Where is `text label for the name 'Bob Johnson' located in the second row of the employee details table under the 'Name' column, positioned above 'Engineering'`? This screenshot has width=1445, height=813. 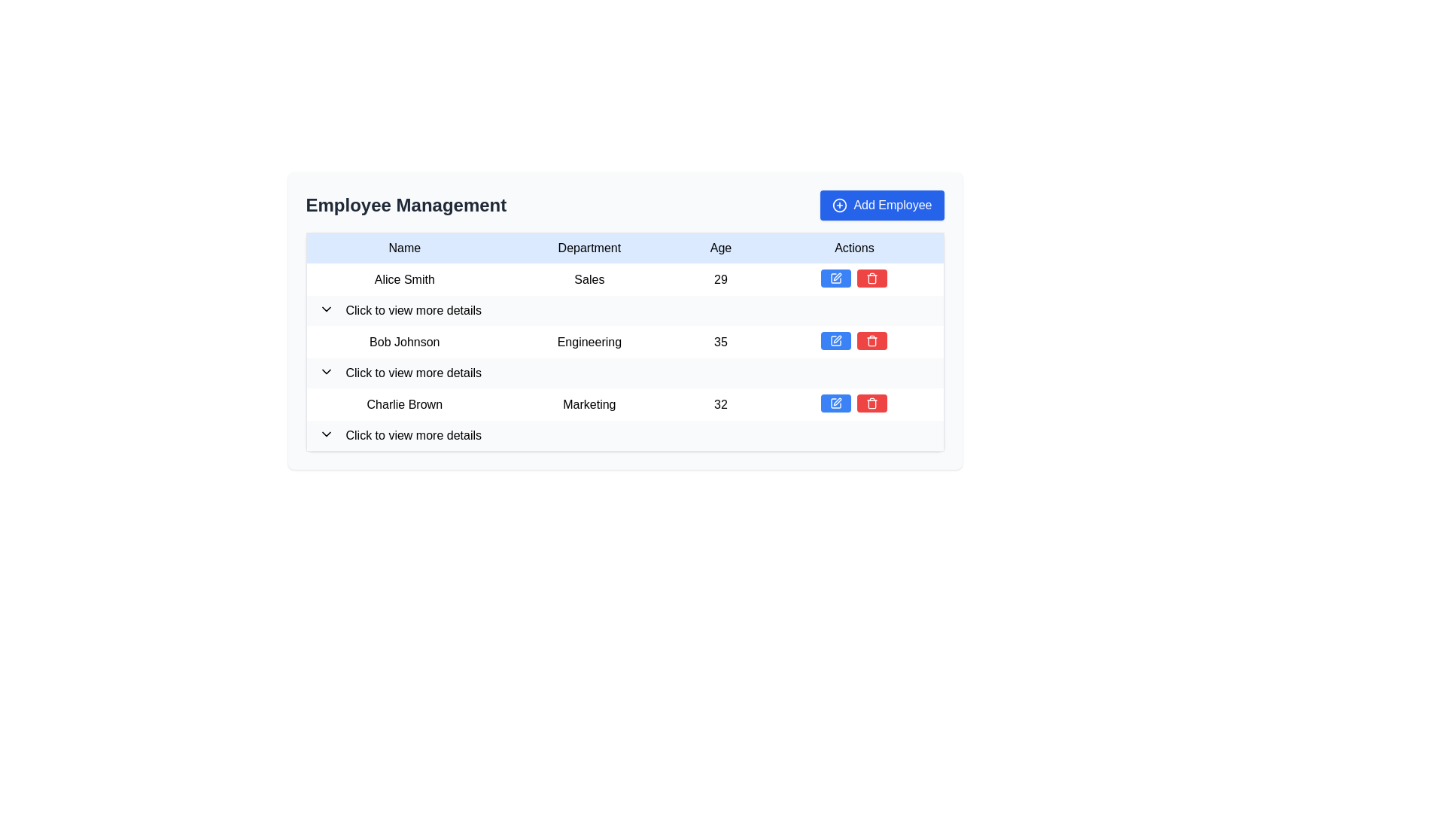 text label for the name 'Bob Johnson' located in the second row of the employee details table under the 'Name' column, positioned above 'Engineering' is located at coordinates (404, 342).